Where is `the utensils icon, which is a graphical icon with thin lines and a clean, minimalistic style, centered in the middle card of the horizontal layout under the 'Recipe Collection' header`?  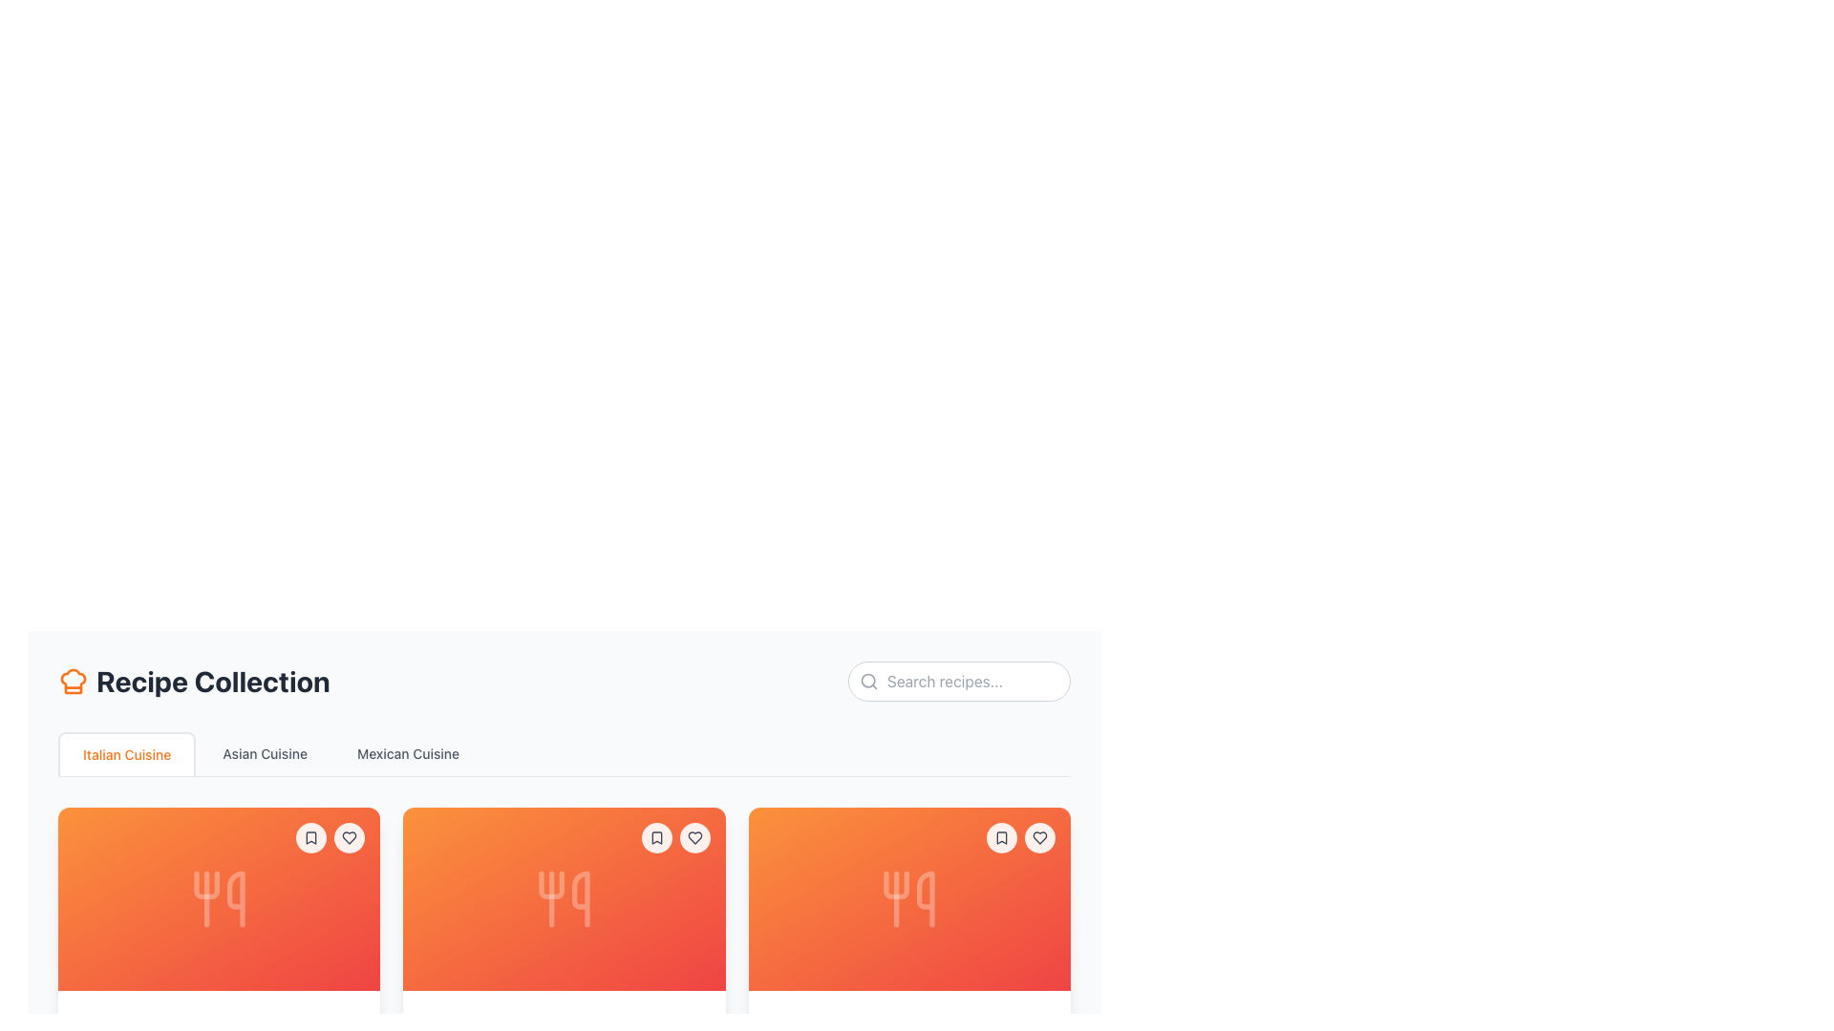
the utensils icon, which is a graphical icon with thin lines and a clean, minimalistic style, centered in the middle card of the horizontal layout under the 'Recipe Collection' header is located at coordinates (563, 898).